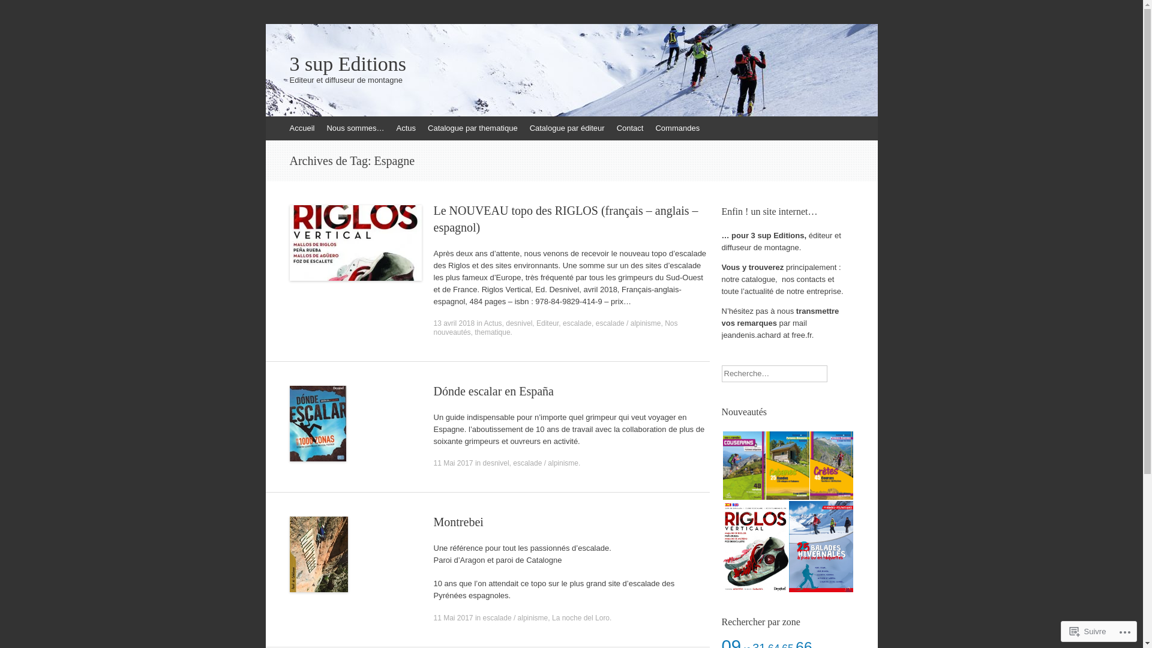 This screenshot has width=1152, height=648. What do you see at coordinates (452, 617) in the screenshot?
I see `'11 Mai 2017'` at bounding box center [452, 617].